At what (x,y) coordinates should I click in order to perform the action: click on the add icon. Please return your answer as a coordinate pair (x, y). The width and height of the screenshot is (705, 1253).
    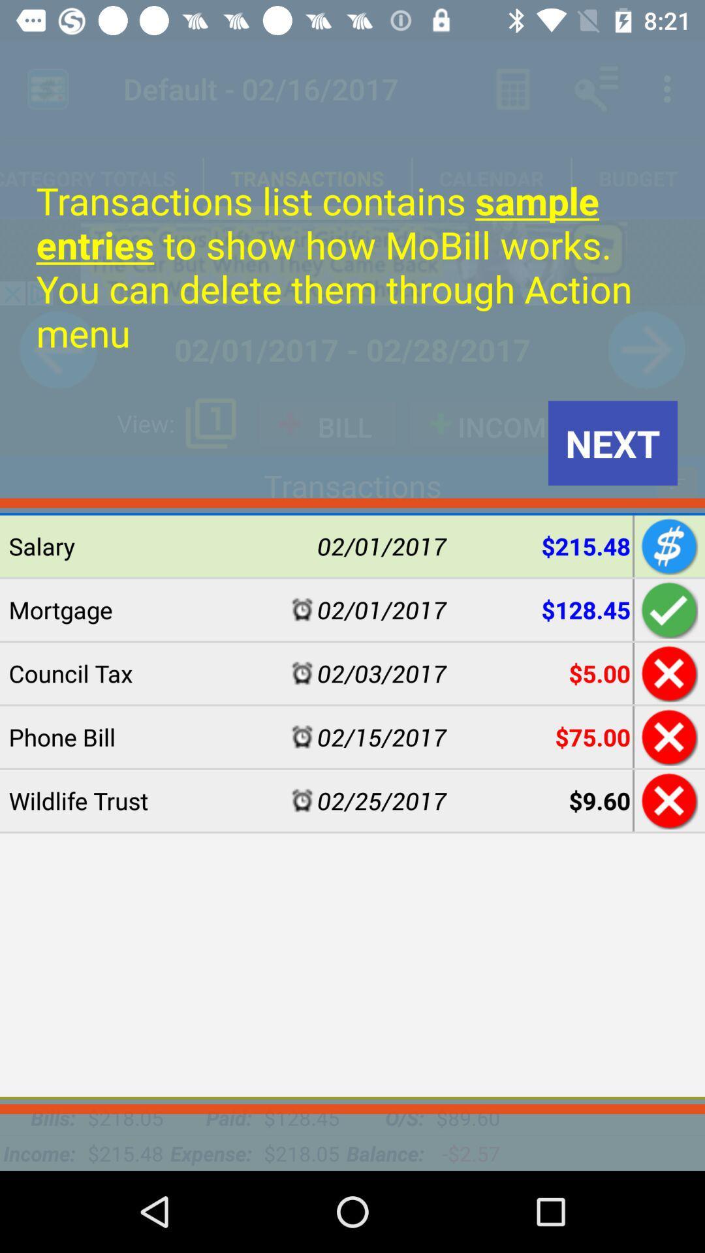
    Looking at the image, I should click on (676, 482).